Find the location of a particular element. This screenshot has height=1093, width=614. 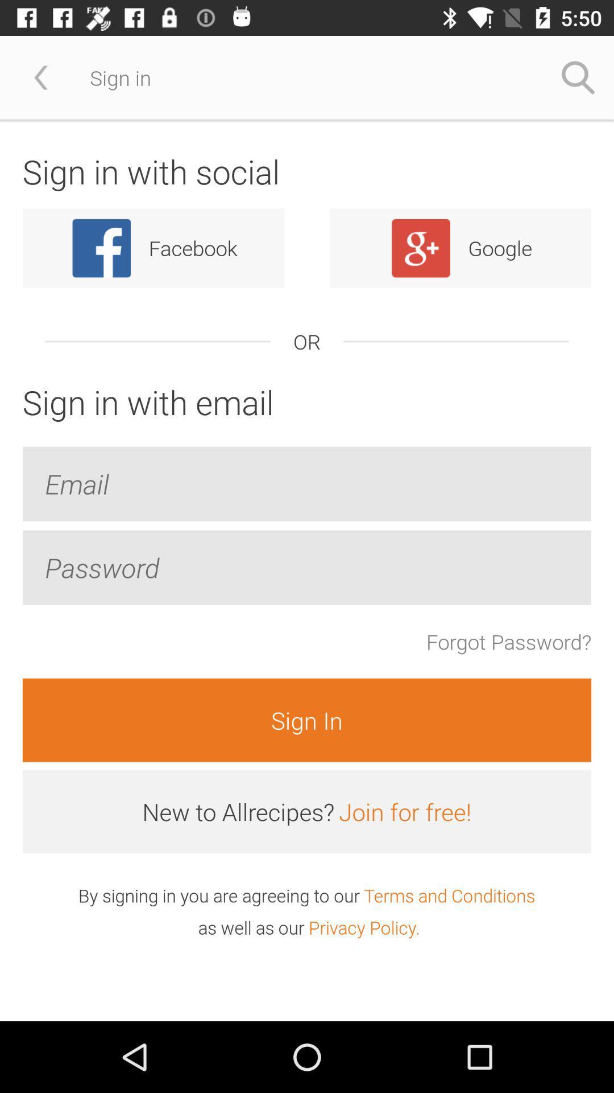

icon on the right is located at coordinates (508, 642).